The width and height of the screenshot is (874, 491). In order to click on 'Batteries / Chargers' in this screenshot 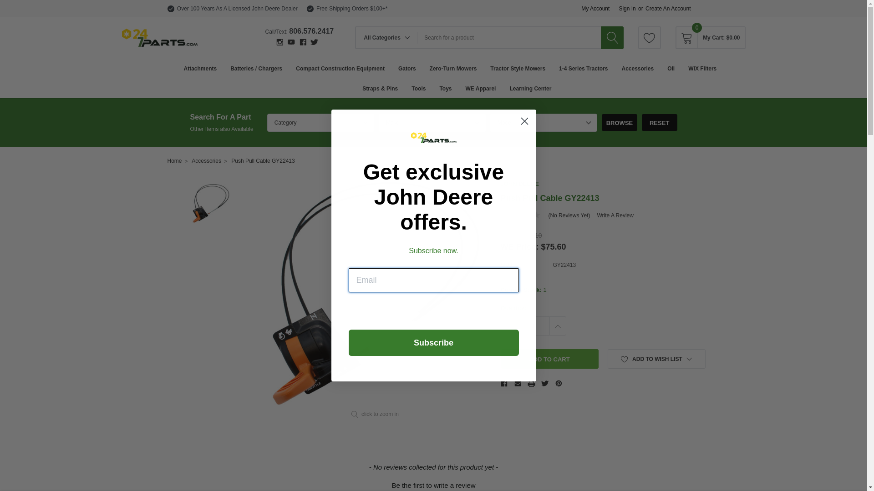, I will do `click(255, 68)`.